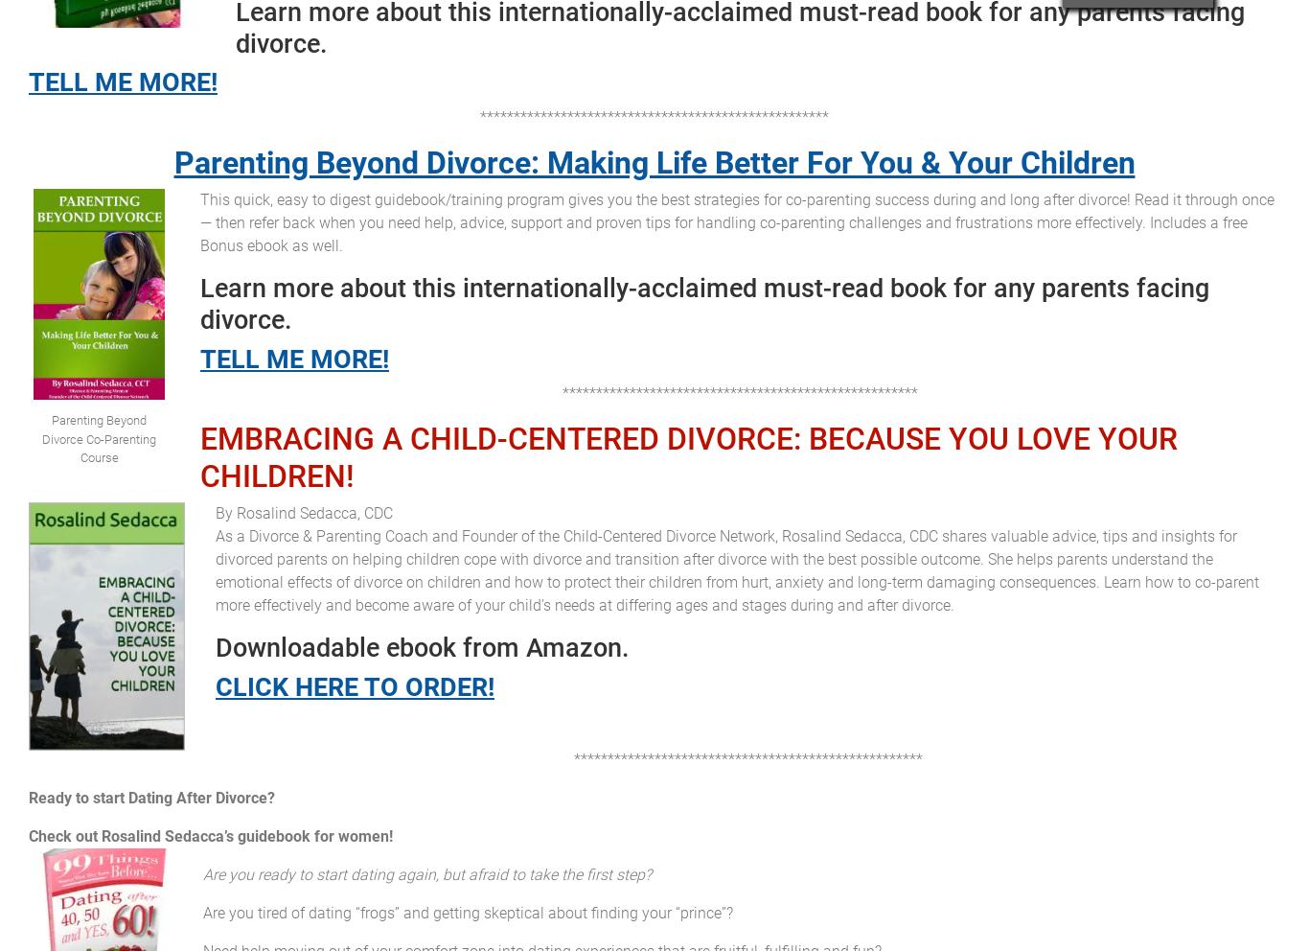 The height and width of the screenshot is (951, 1309). What do you see at coordinates (210, 836) in the screenshot?
I see `'Check out Rosalind Sedacca’s guidebook for women!'` at bounding box center [210, 836].